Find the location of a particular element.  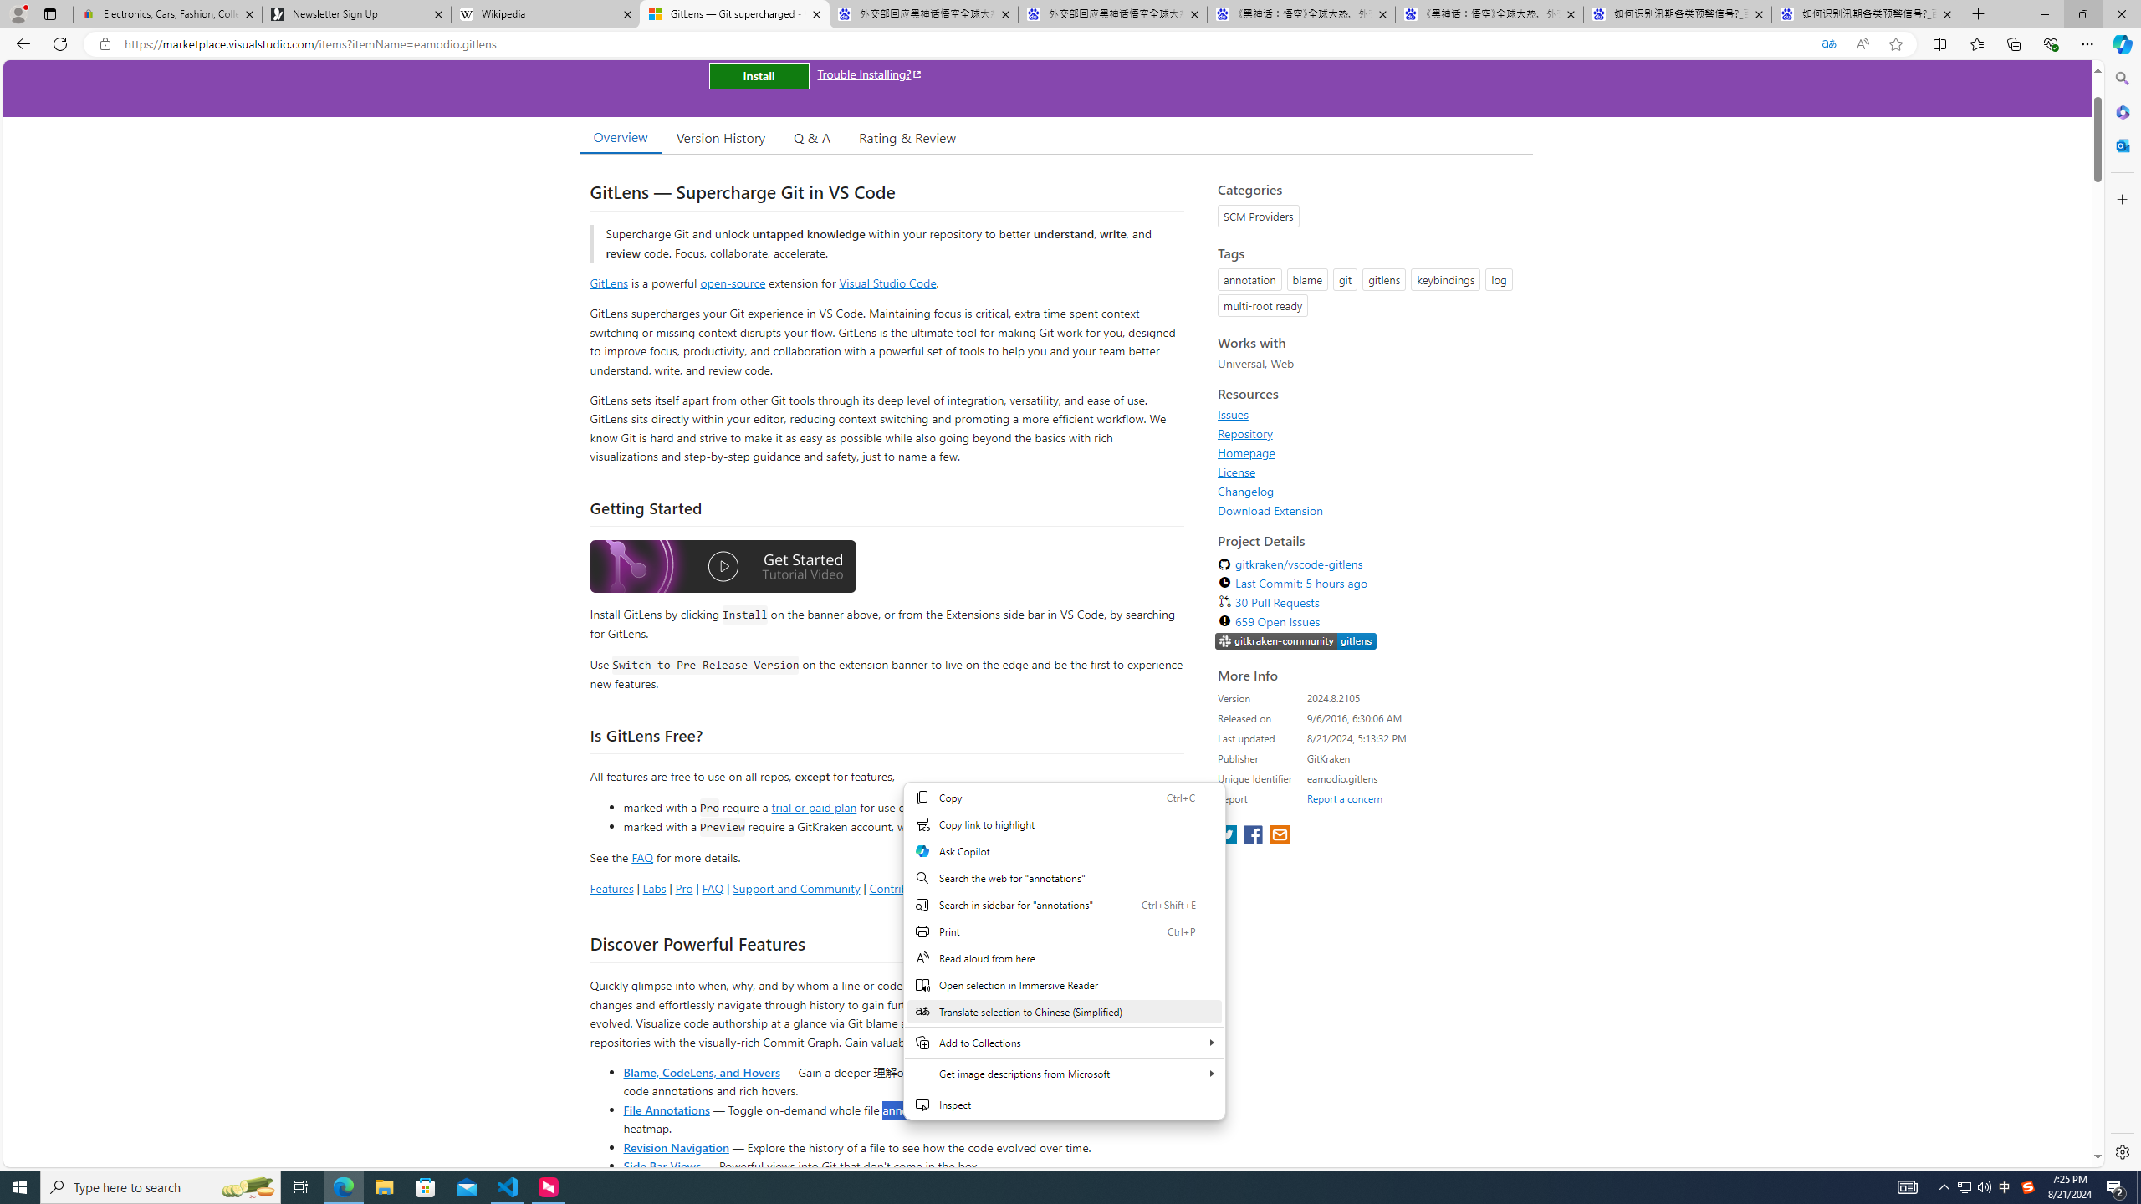

'share extension on twitter' is located at coordinates (1228, 835).